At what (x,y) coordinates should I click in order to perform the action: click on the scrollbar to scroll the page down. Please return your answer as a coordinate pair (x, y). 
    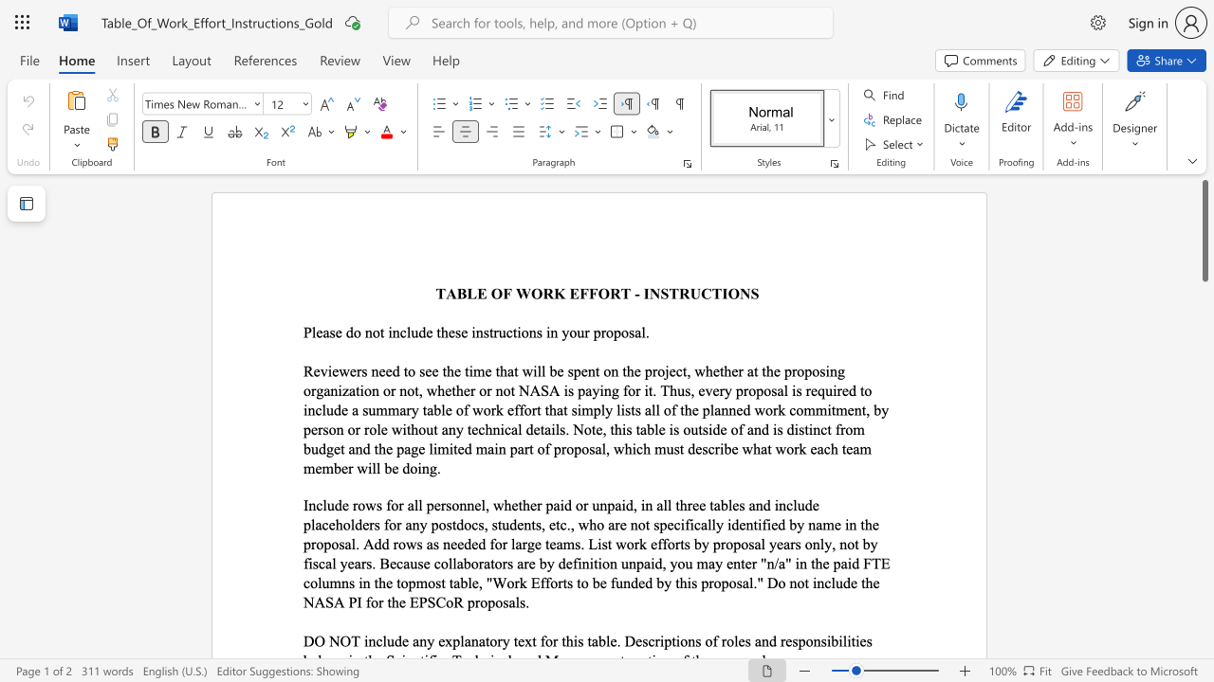
    Looking at the image, I should click on (1204, 557).